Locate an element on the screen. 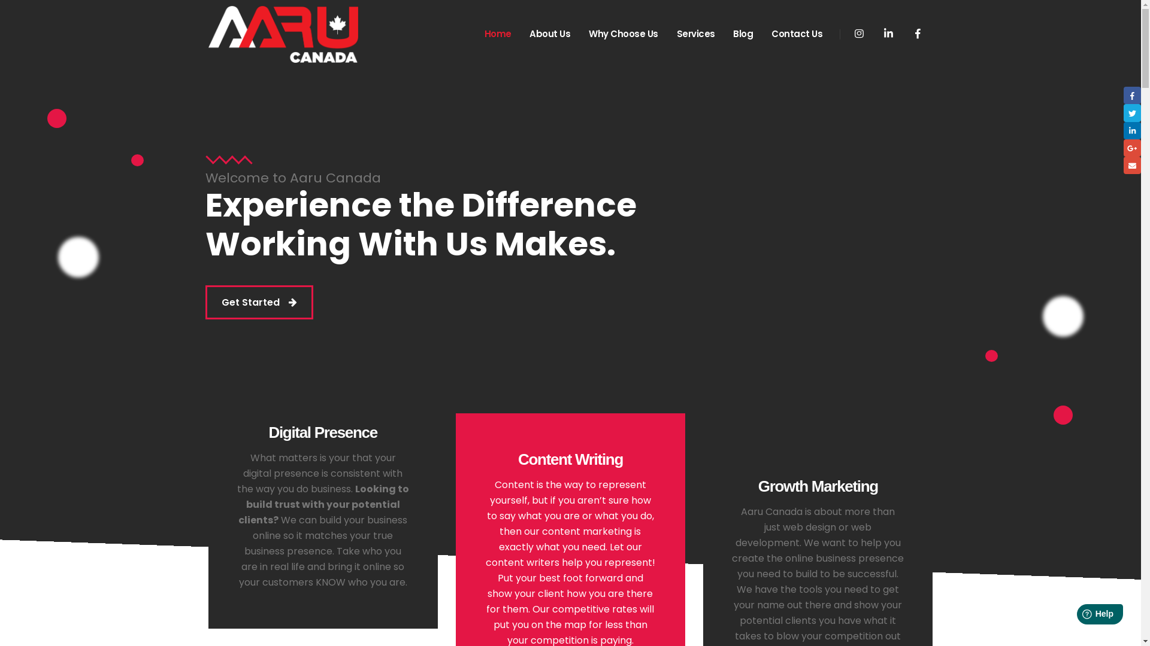 The height and width of the screenshot is (646, 1150). 'Email' is located at coordinates (1123, 165).